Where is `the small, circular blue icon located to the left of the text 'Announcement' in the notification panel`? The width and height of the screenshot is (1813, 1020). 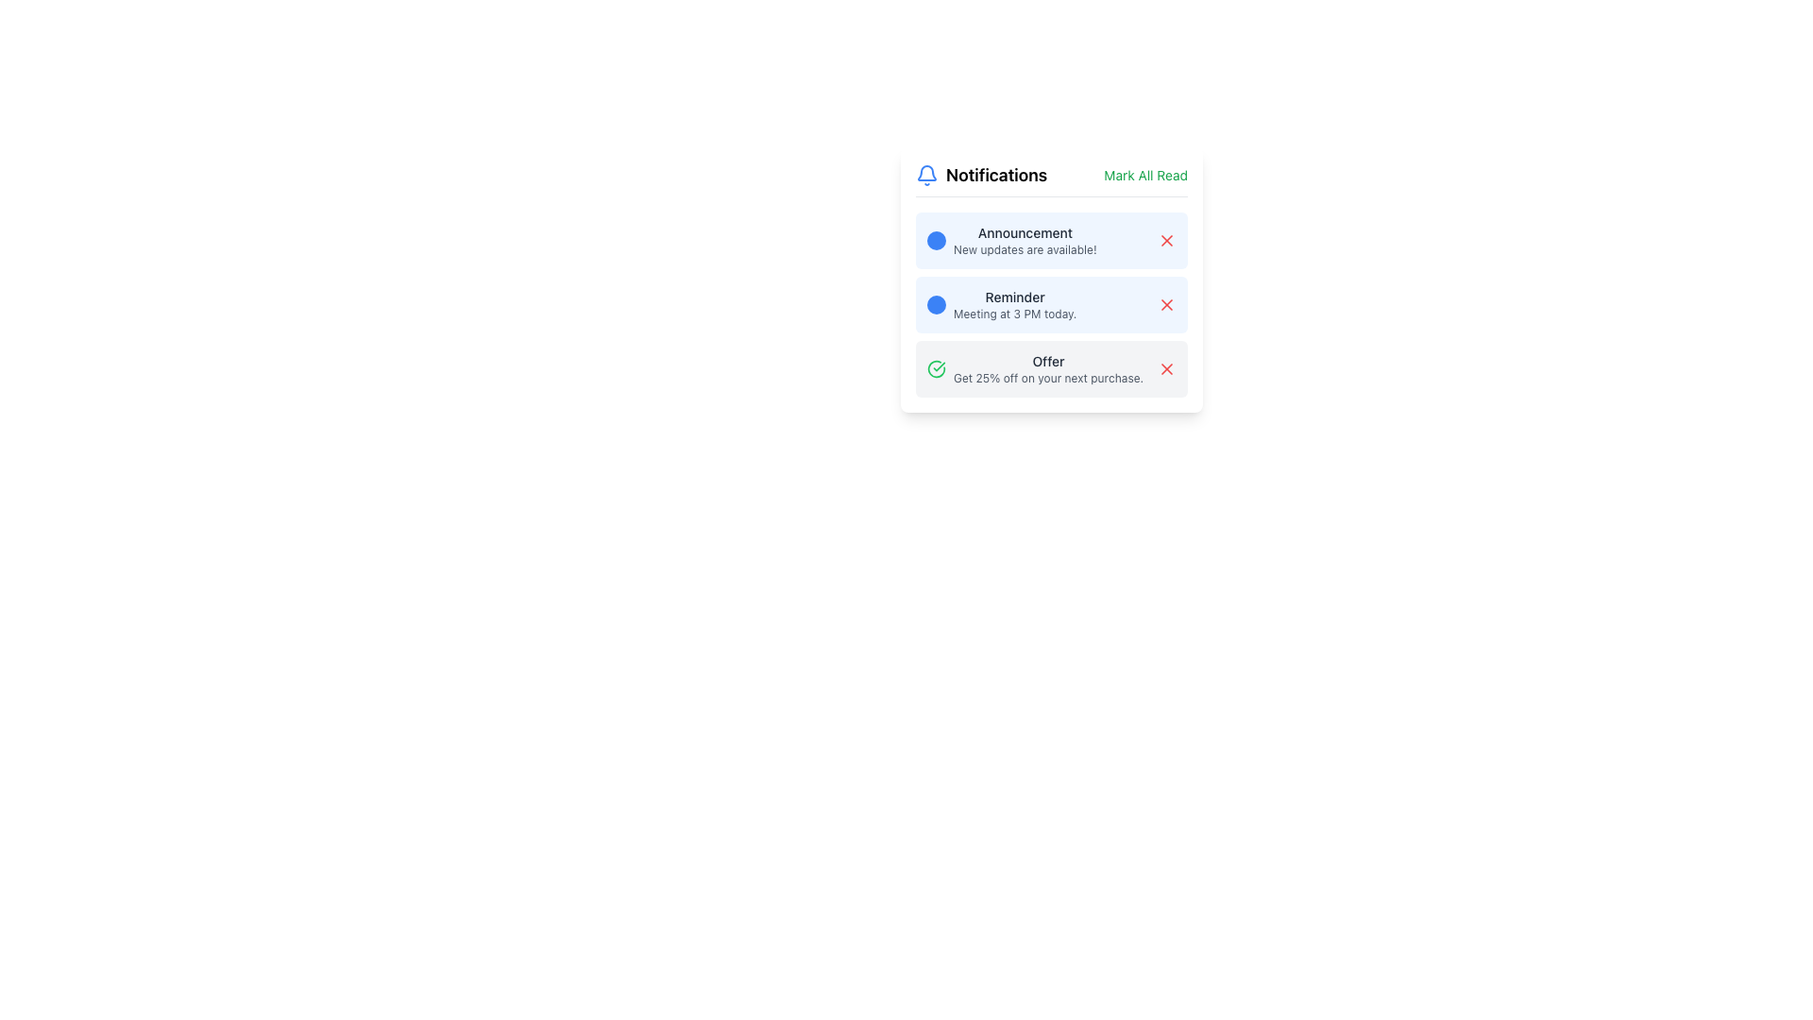
the small, circular blue icon located to the left of the text 'Announcement' in the notification panel is located at coordinates (937, 239).